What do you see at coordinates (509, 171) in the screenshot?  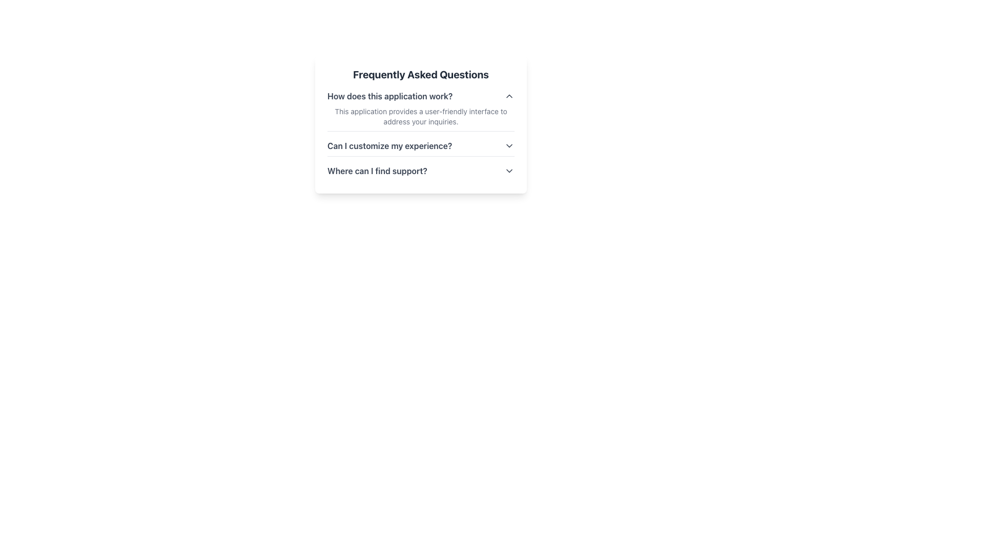 I see `the Chevron icon located at the rightmost edge of the question 'Where can I find support?'` at bounding box center [509, 171].